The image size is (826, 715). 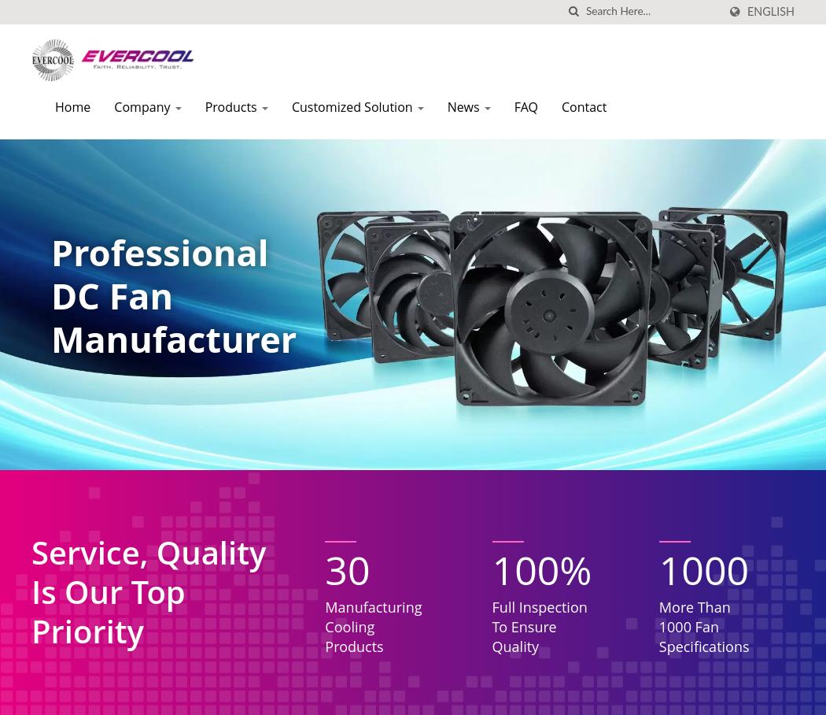 What do you see at coordinates (702, 570) in the screenshot?
I see `'1000'` at bounding box center [702, 570].